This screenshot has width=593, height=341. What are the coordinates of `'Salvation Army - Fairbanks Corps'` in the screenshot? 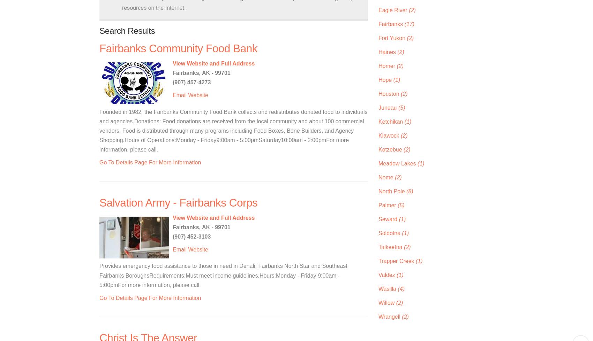 It's located at (178, 202).